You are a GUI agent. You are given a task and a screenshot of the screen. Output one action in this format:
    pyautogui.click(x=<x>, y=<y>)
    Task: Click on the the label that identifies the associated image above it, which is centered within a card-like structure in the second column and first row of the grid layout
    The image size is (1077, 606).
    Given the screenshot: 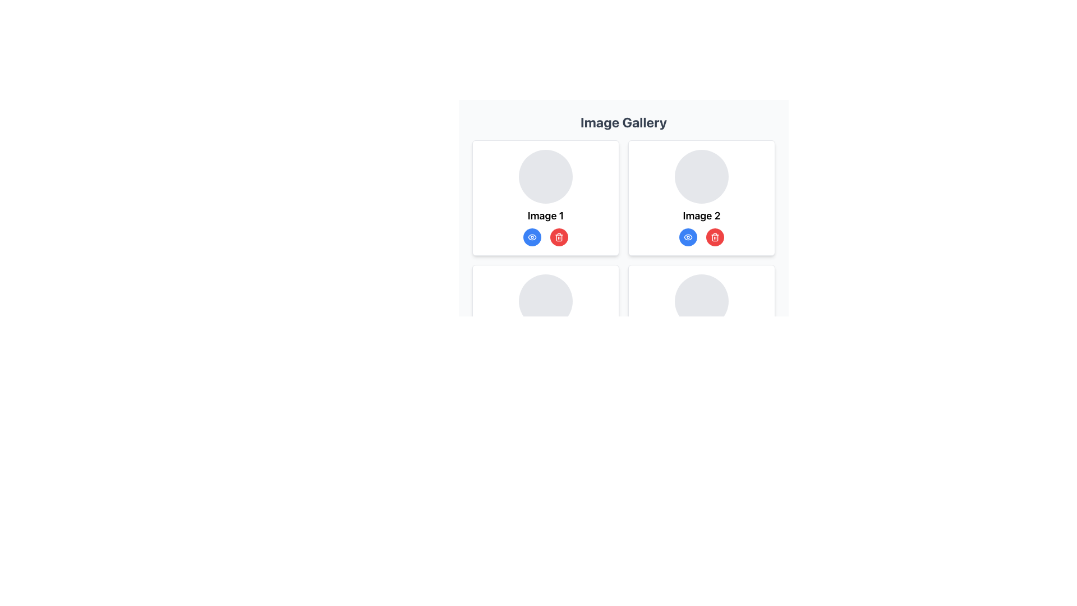 What is the action you would take?
    pyautogui.click(x=701, y=216)
    